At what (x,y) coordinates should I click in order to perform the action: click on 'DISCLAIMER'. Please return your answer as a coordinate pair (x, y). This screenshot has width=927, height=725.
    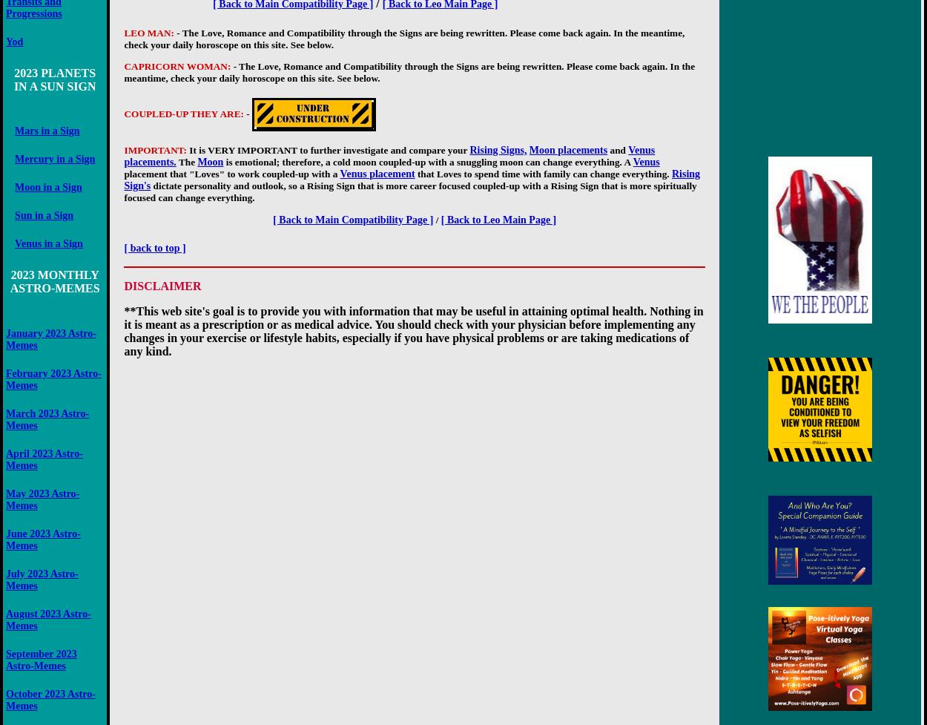
    Looking at the image, I should click on (124, 285).